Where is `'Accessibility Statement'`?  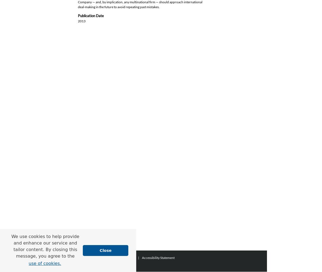 'Accessibility Statement' is located at coordinates (142, 257).